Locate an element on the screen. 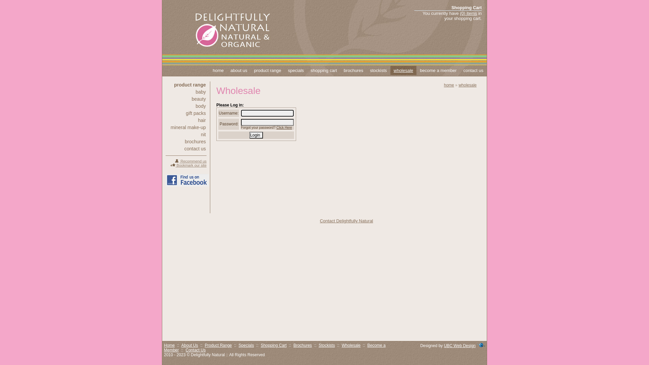 The image size is (649, 365). 'product range' is located at coordinates (186, 84).